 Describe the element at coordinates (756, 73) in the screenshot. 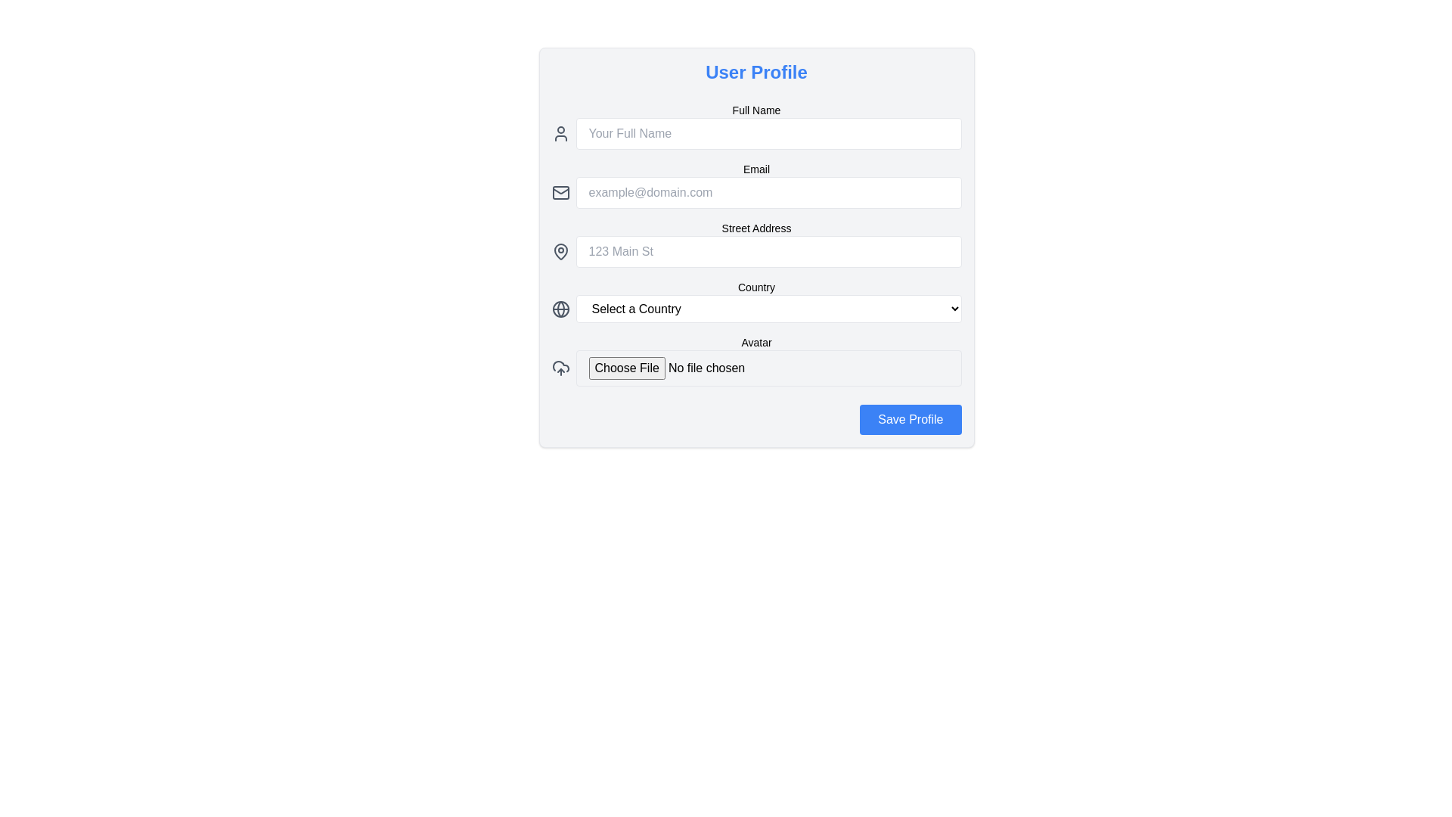

I see `the 'User Profile' static text, which is a bold, large-sized blue text located at the top center of the form, above the 'Full Name' and 'Email' fields` at that location.